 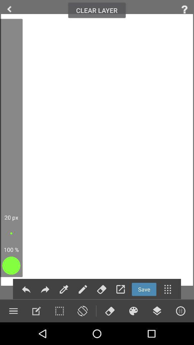 What do you see at coordinates (133, 310) in the screenshot?
I see `color option` at bounding box center [133, 310].